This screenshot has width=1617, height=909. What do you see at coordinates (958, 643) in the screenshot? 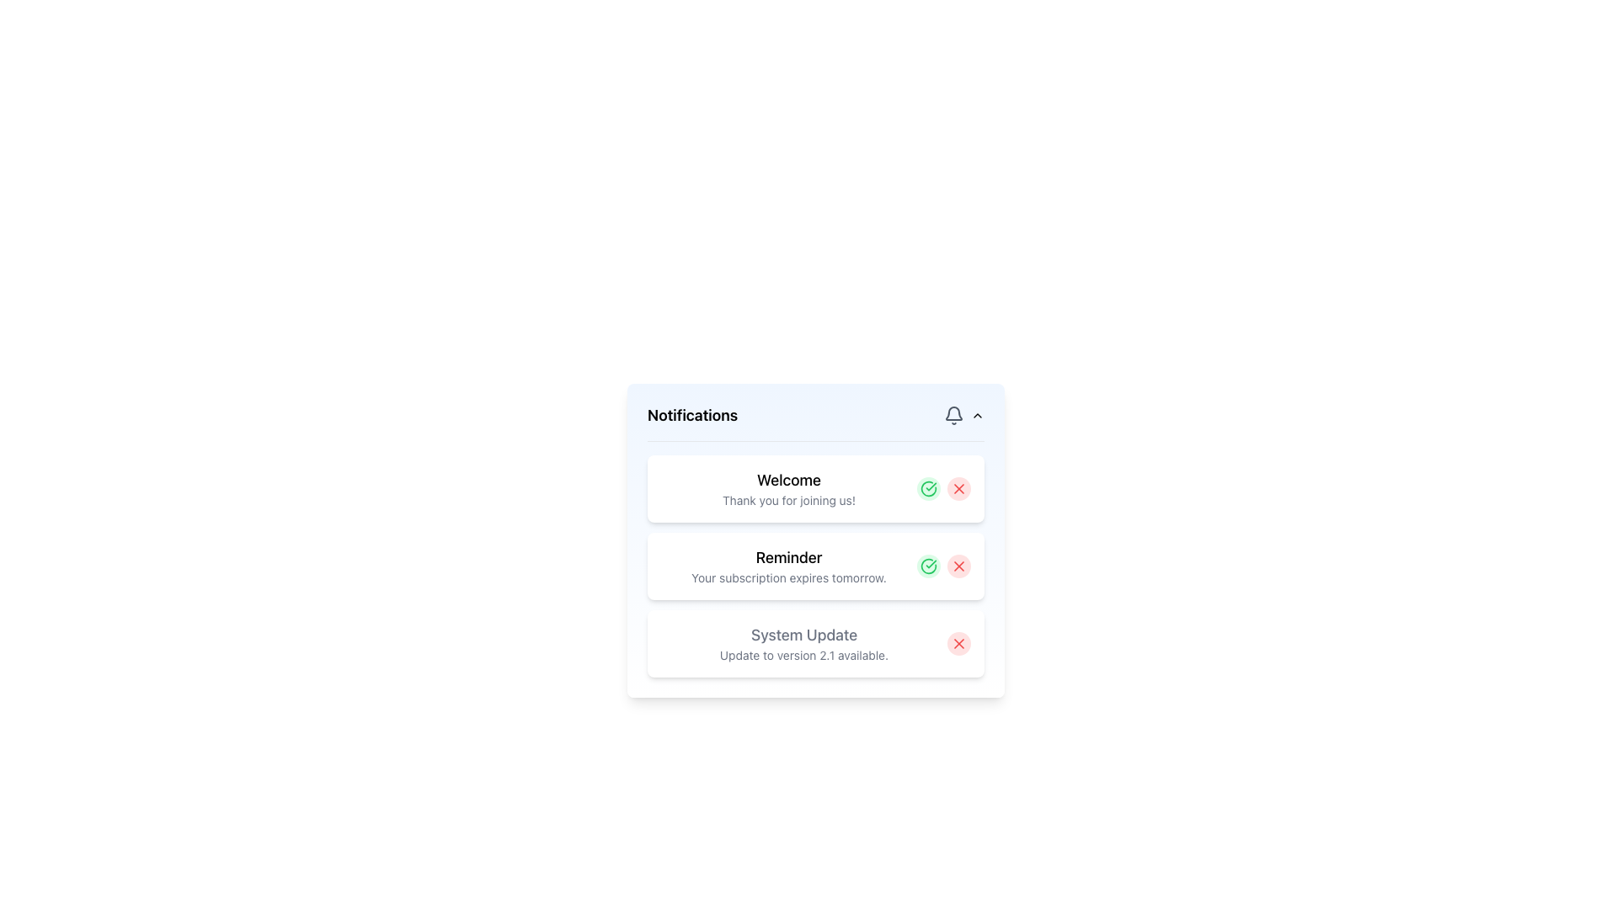
I see `the close button located in the bottom-right corner of the notification card containing the 'System Update' message` at bounding box center [958, 643].